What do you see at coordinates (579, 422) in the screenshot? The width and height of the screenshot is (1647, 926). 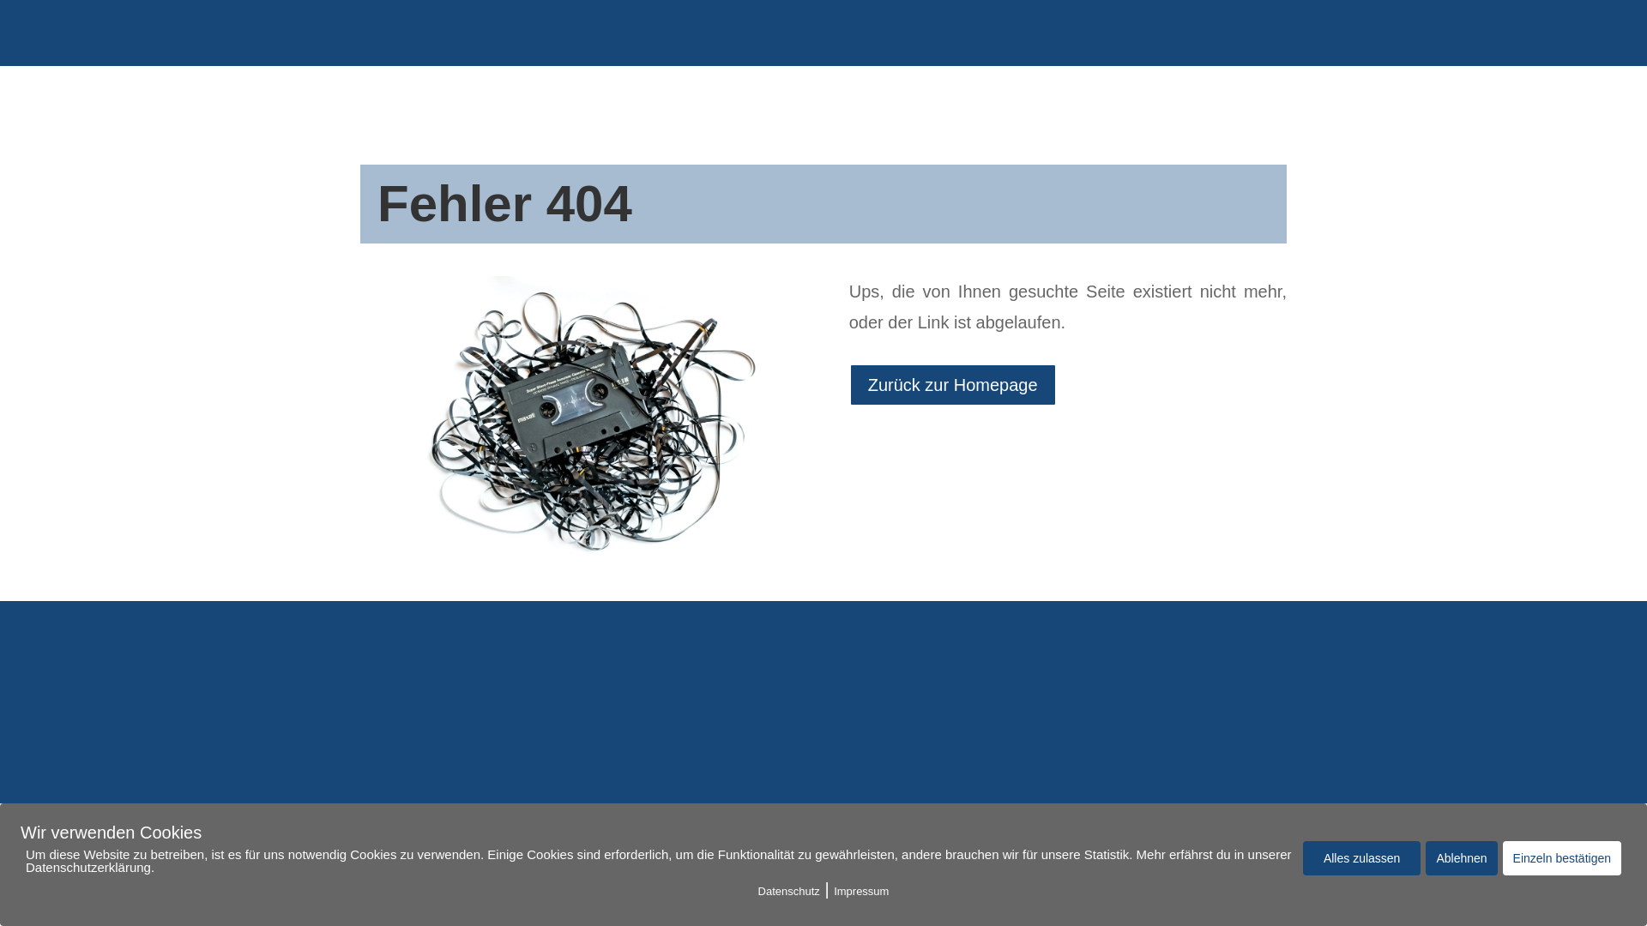 I see `'Error'` at bounding box center [579, 422].